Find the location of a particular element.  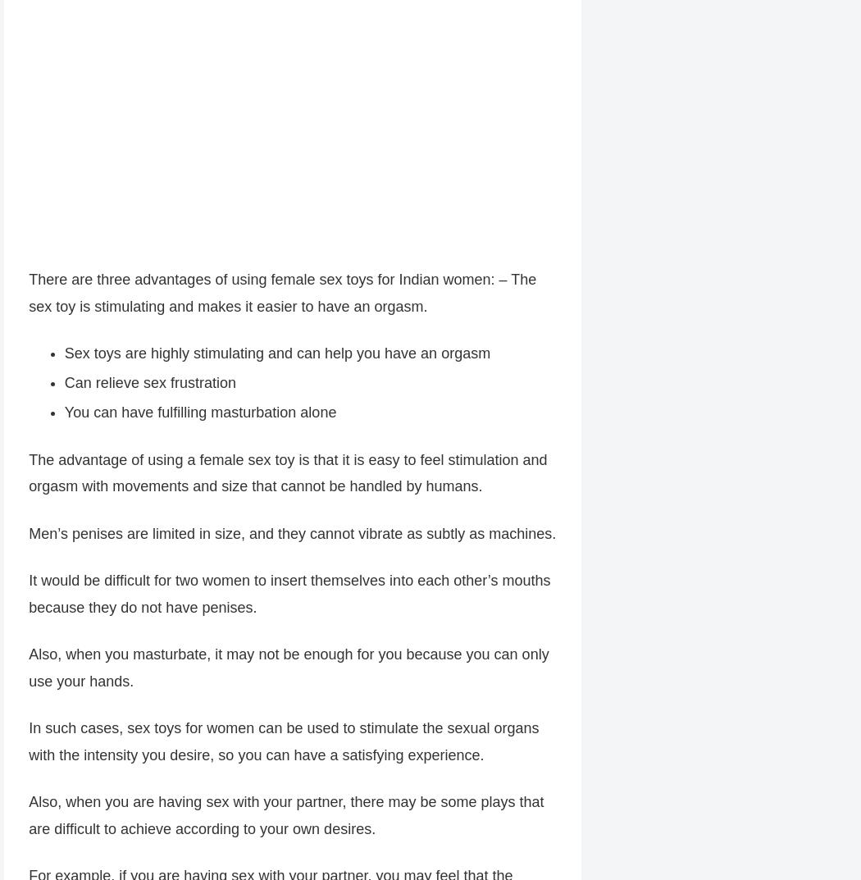

'Also, when you masturbate, it may not be enough for you because you can only use your hands.' is located at coordinates (287, 669).